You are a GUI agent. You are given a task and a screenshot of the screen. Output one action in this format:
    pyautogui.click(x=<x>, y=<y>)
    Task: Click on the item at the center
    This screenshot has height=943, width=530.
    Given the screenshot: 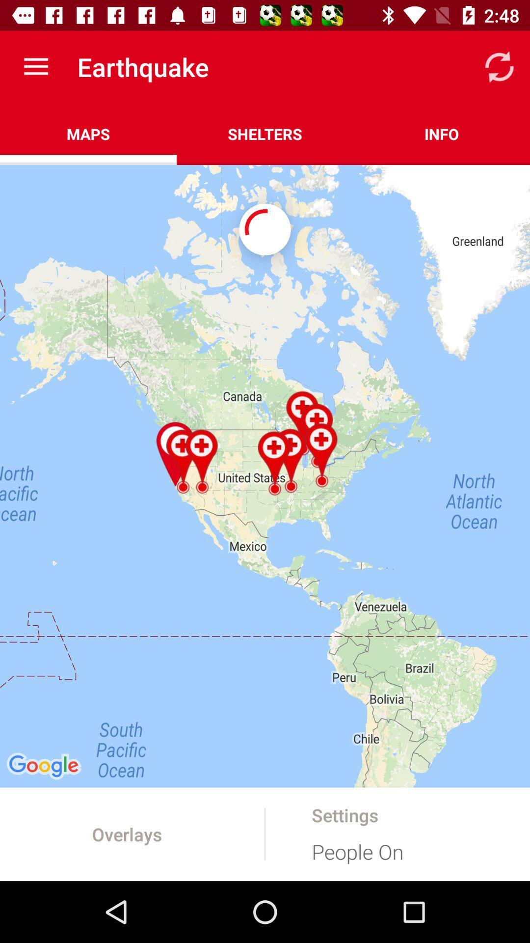 What is the action you would take?
    pyautogui.click(x=265, y=476)
    